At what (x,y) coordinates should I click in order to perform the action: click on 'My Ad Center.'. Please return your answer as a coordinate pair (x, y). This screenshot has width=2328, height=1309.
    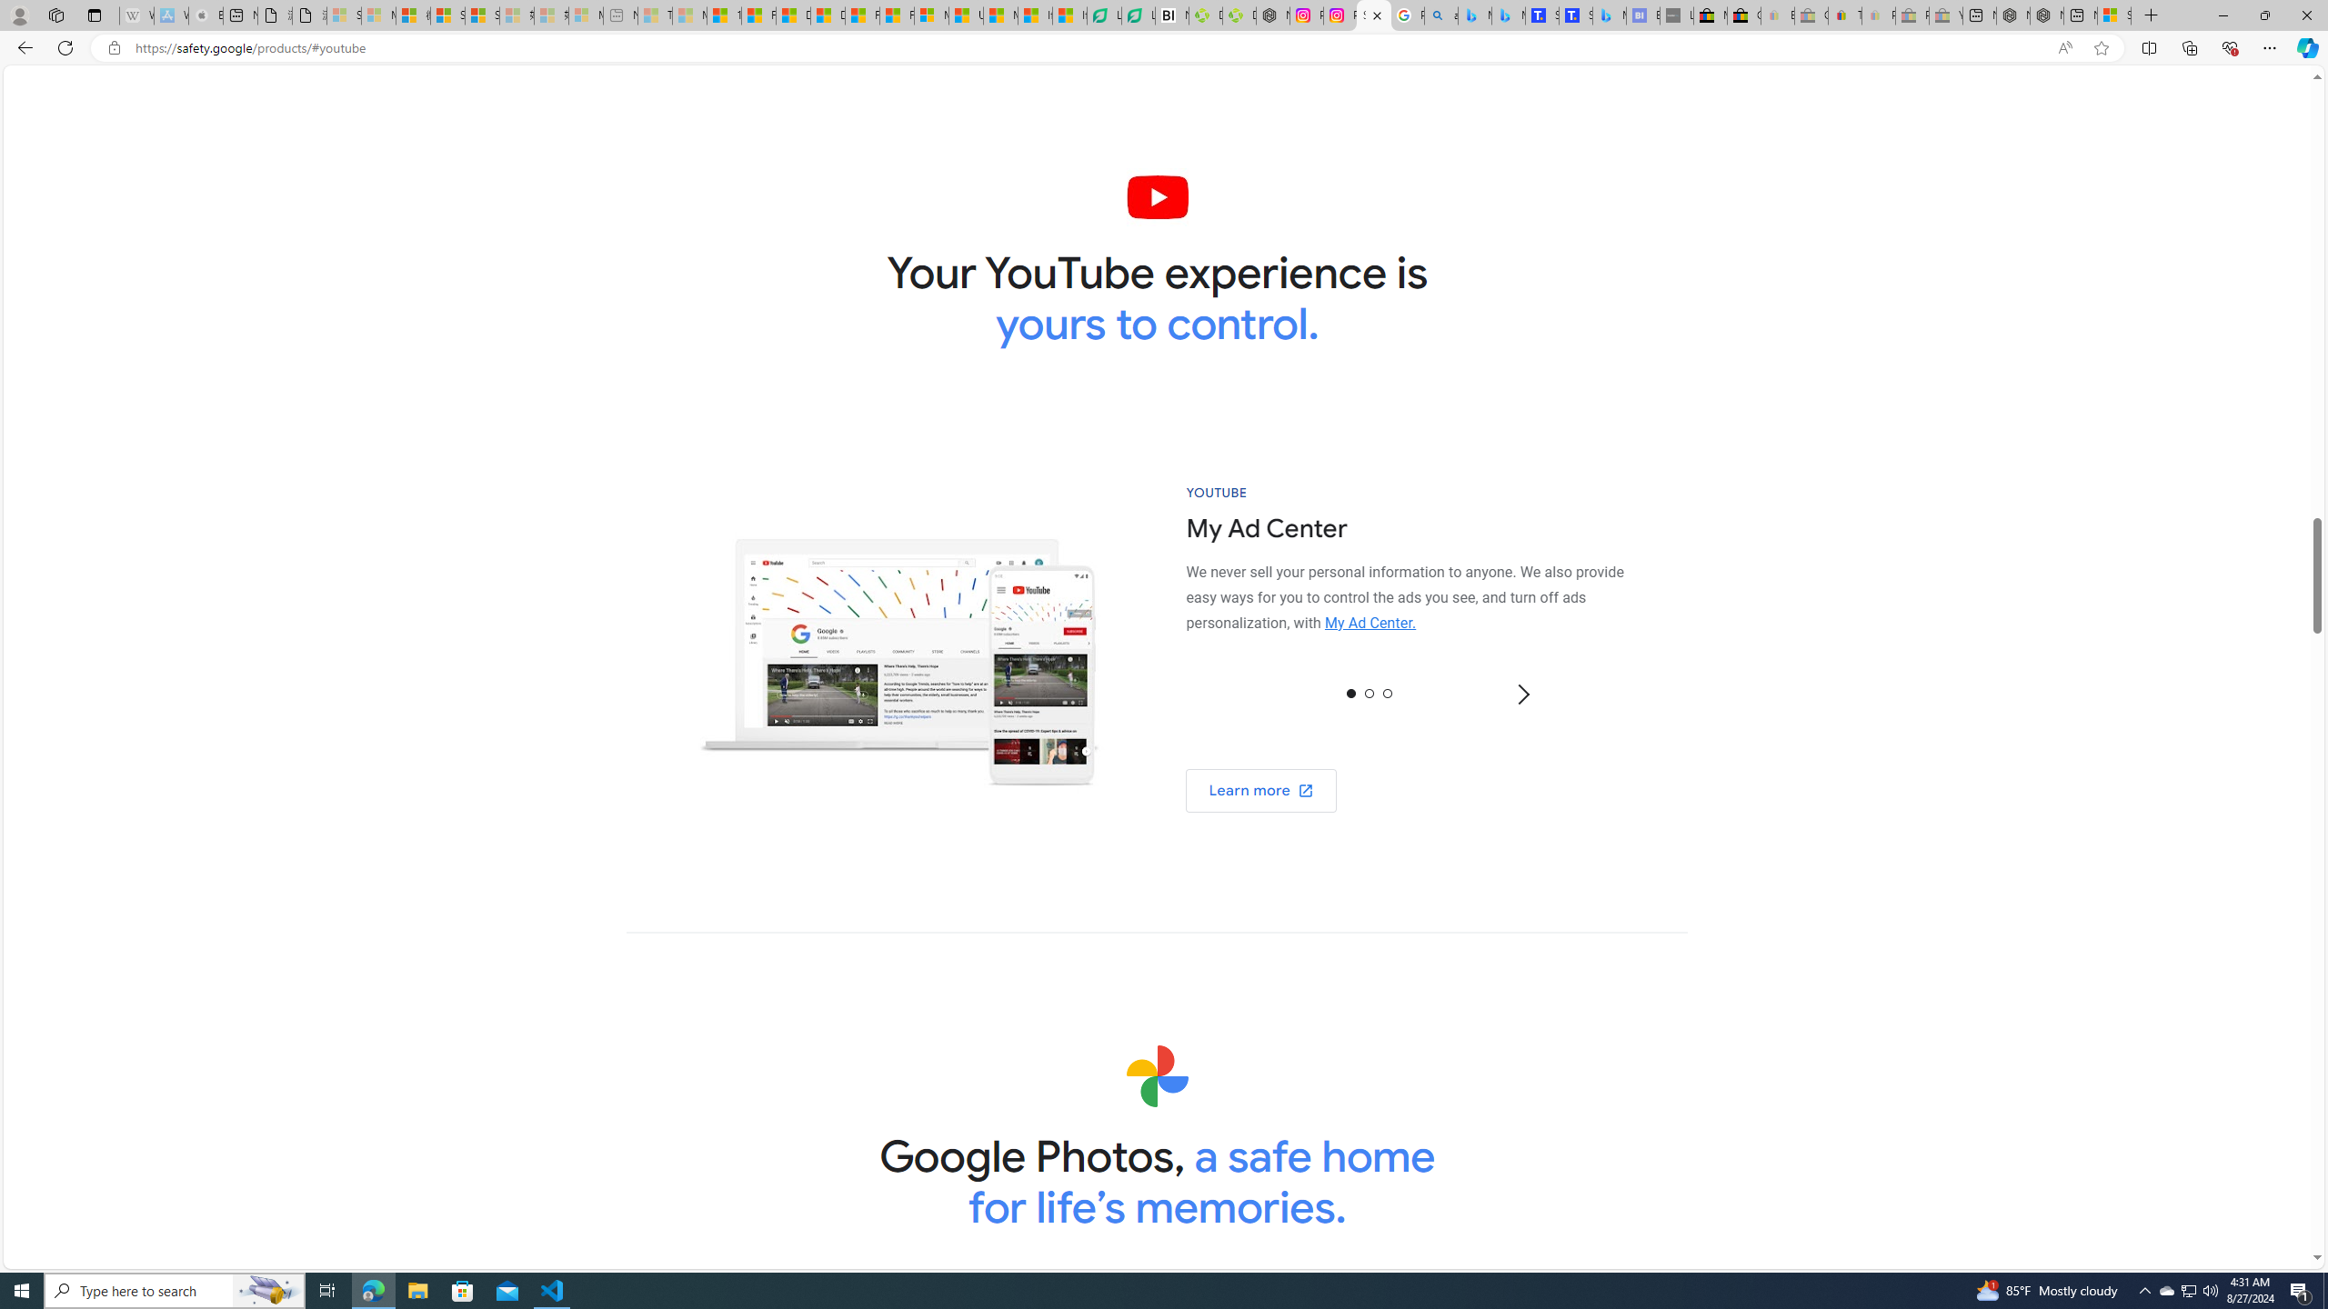
    Looking at the image, I should click on (1370, 623).